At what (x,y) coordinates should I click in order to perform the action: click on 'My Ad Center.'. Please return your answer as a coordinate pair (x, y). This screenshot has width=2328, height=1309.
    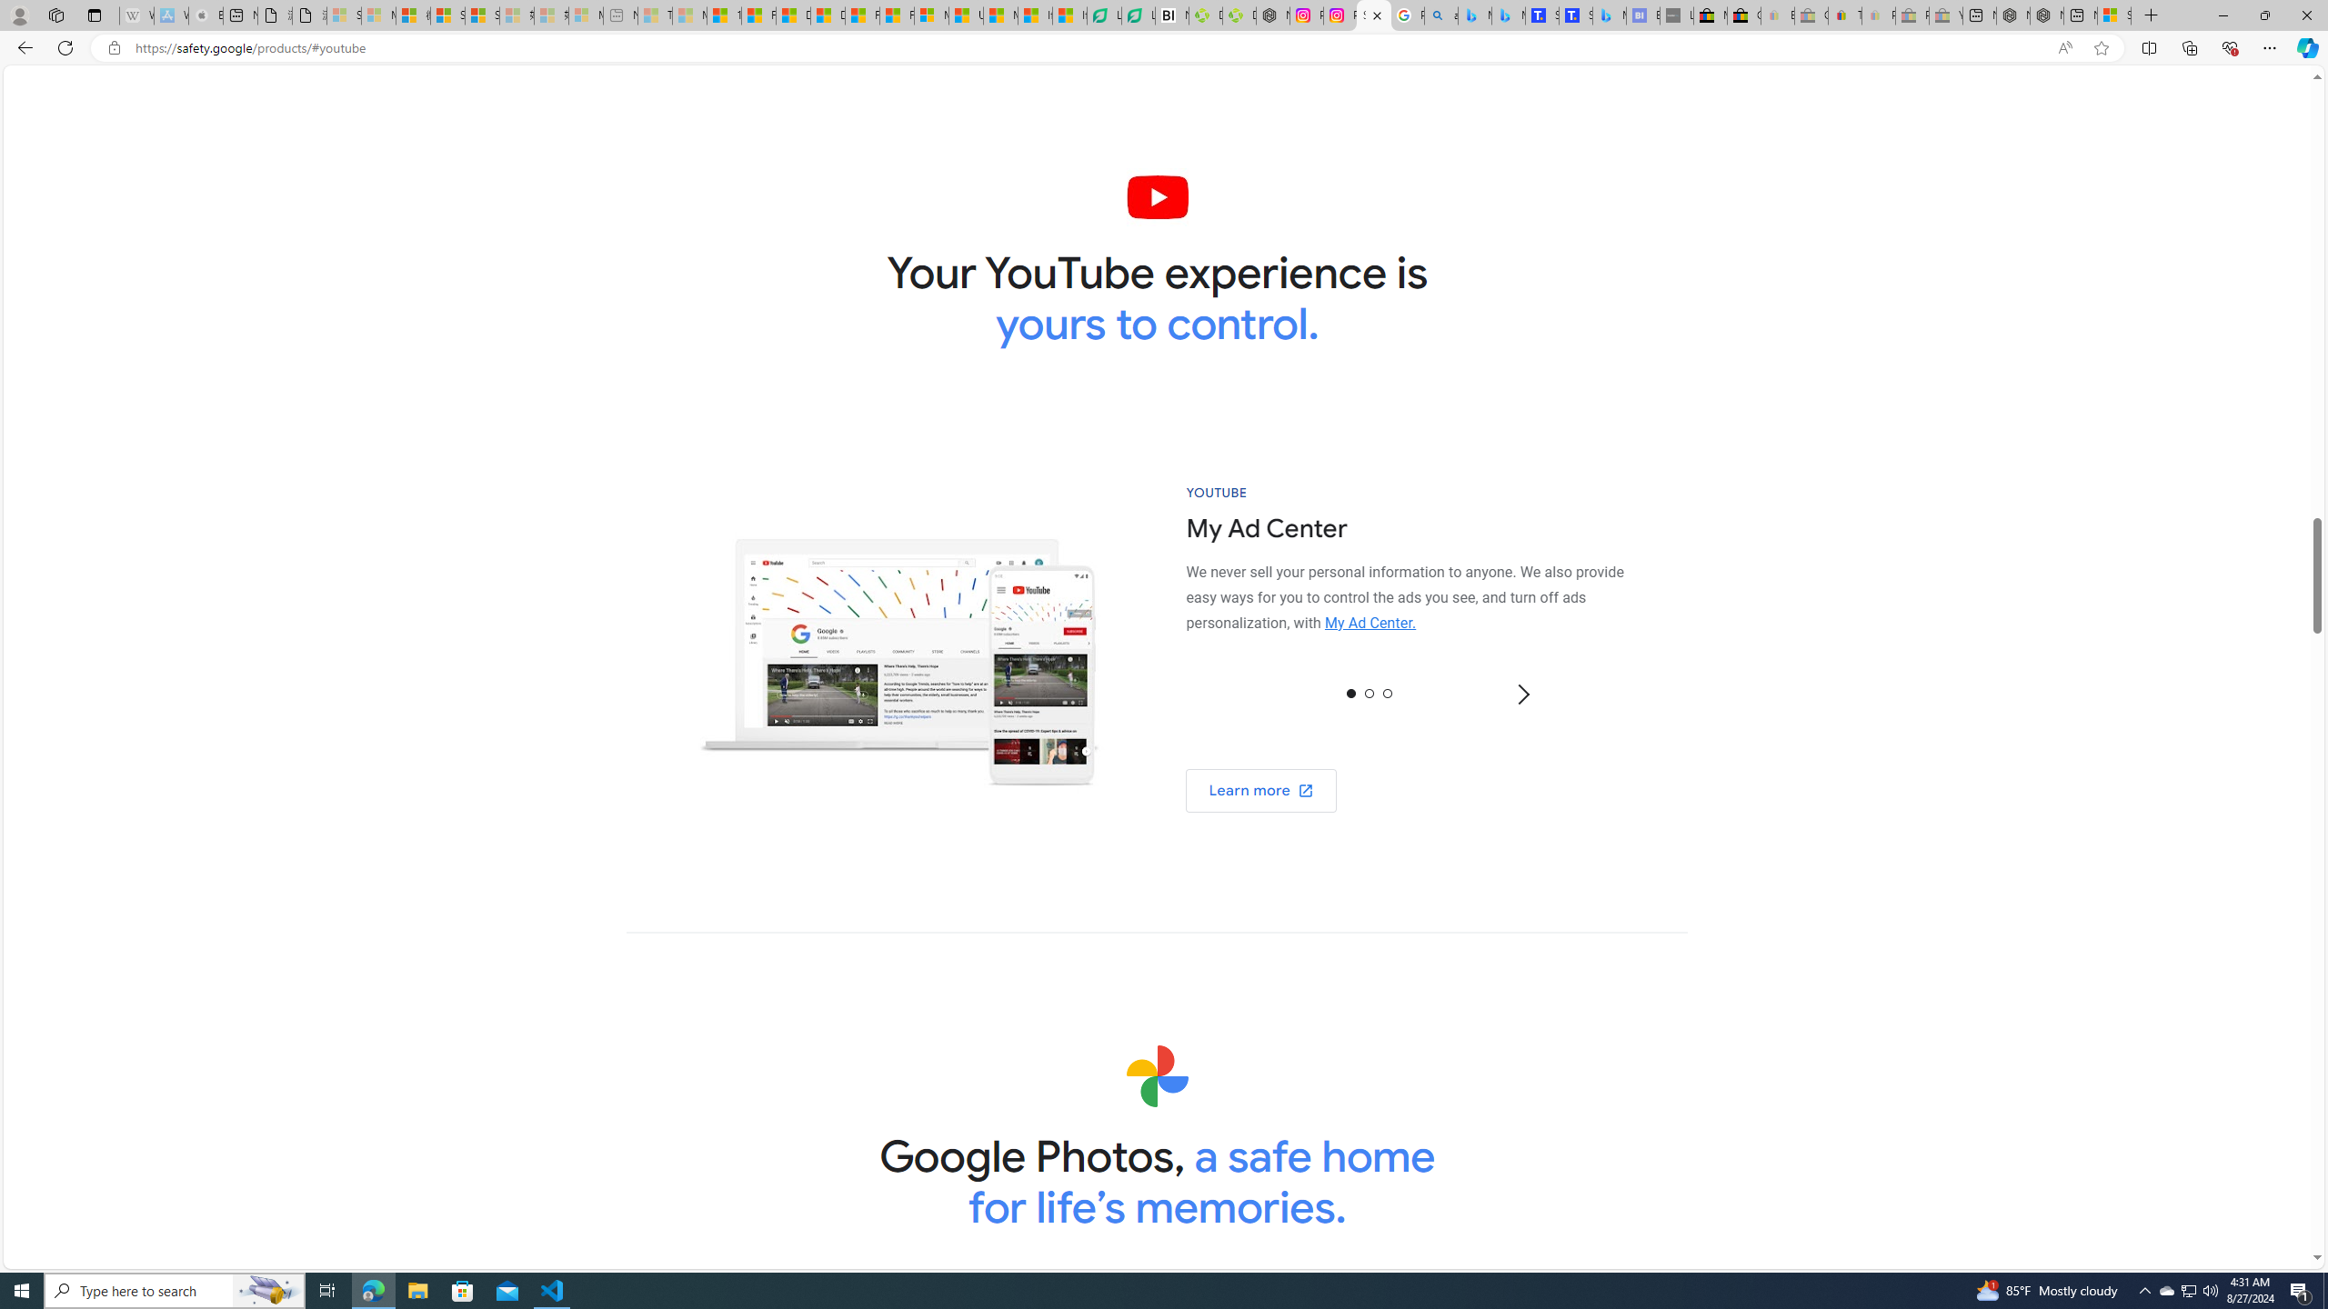
    Looking at the image, I should click on (1370, 623).